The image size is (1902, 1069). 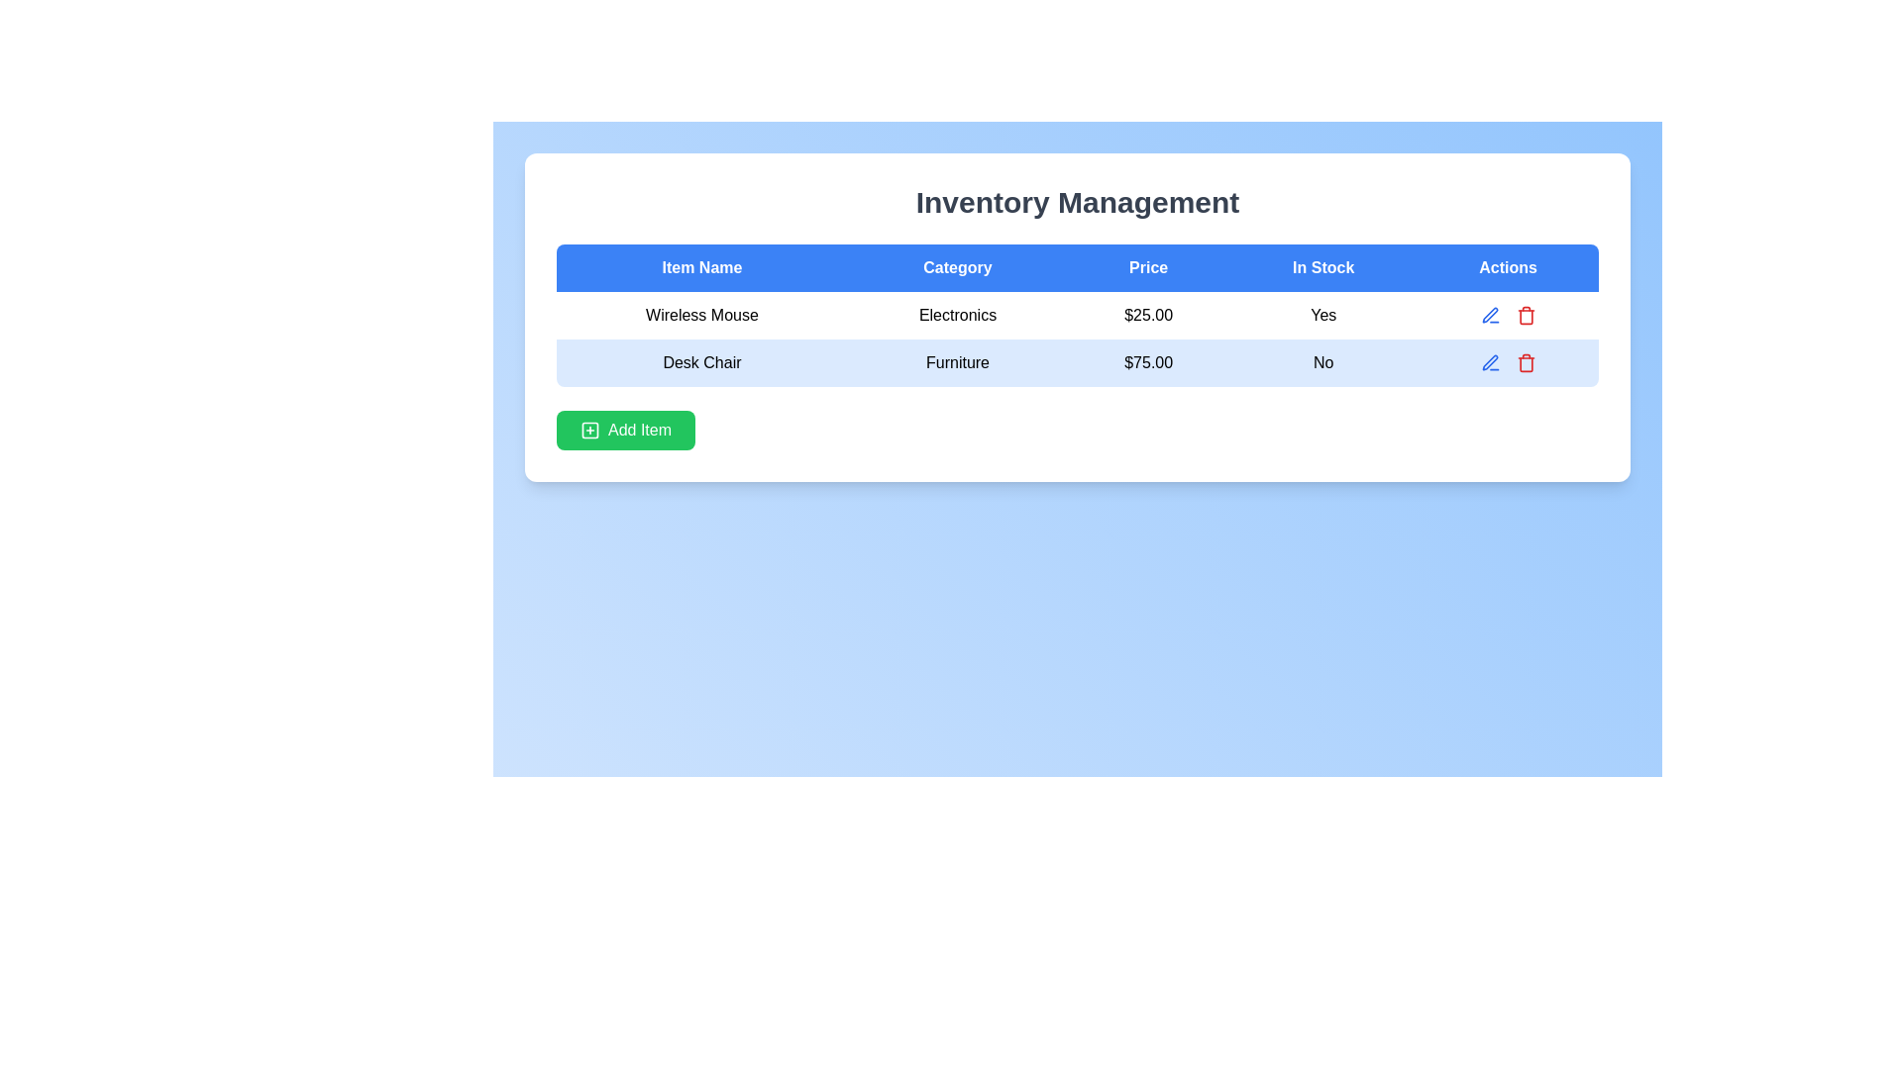 What do you see at coordinates (1077, 315) in the screenshot?
I see `the first row of the inventory table that lists the product 'Wireless Mouse', displaying its category as 'Electronics', price as '$25.00', and stock status as 'Yes'` at bounding box center [1077, 315].